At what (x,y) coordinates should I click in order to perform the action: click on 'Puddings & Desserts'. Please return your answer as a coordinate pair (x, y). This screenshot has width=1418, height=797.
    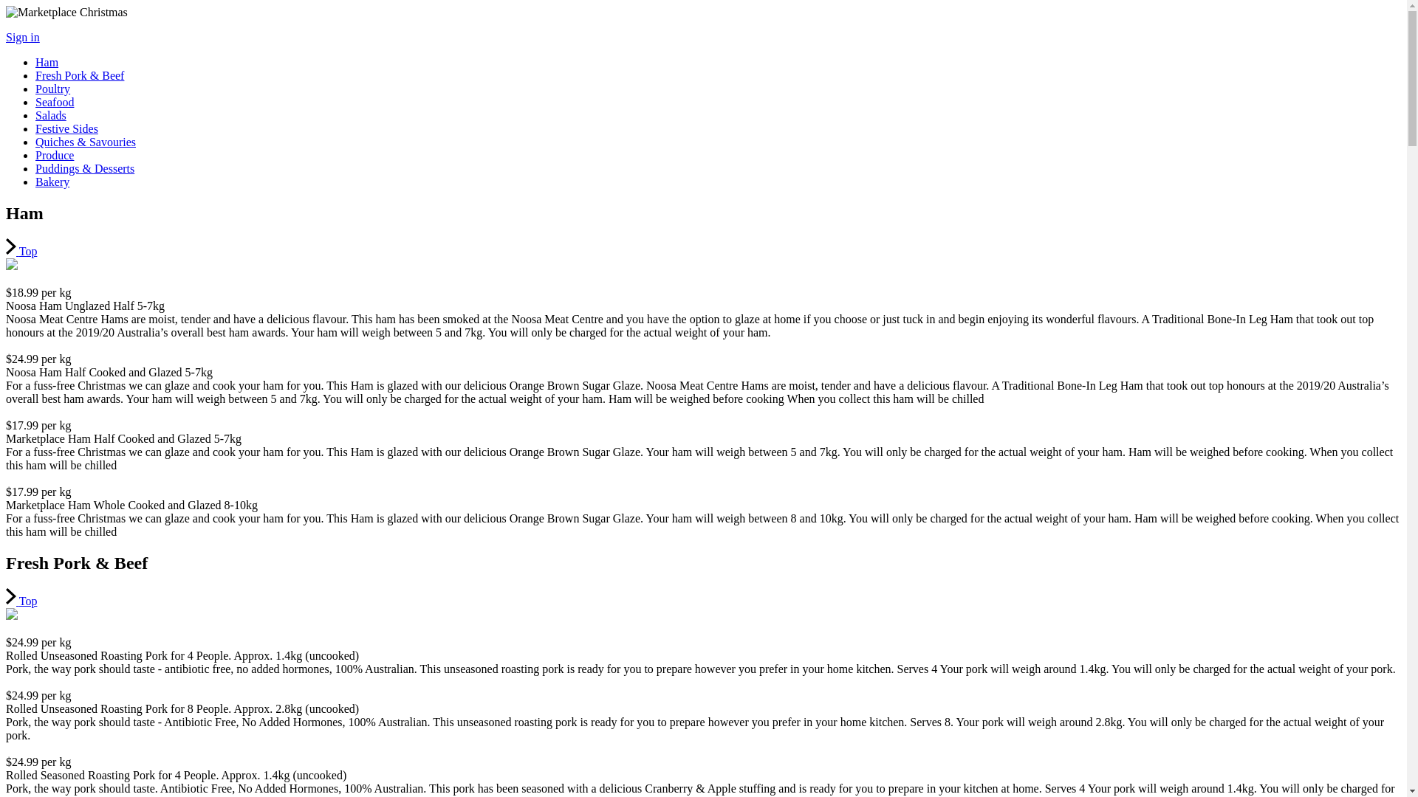
    Looking at the image, I should click on (84, 168).